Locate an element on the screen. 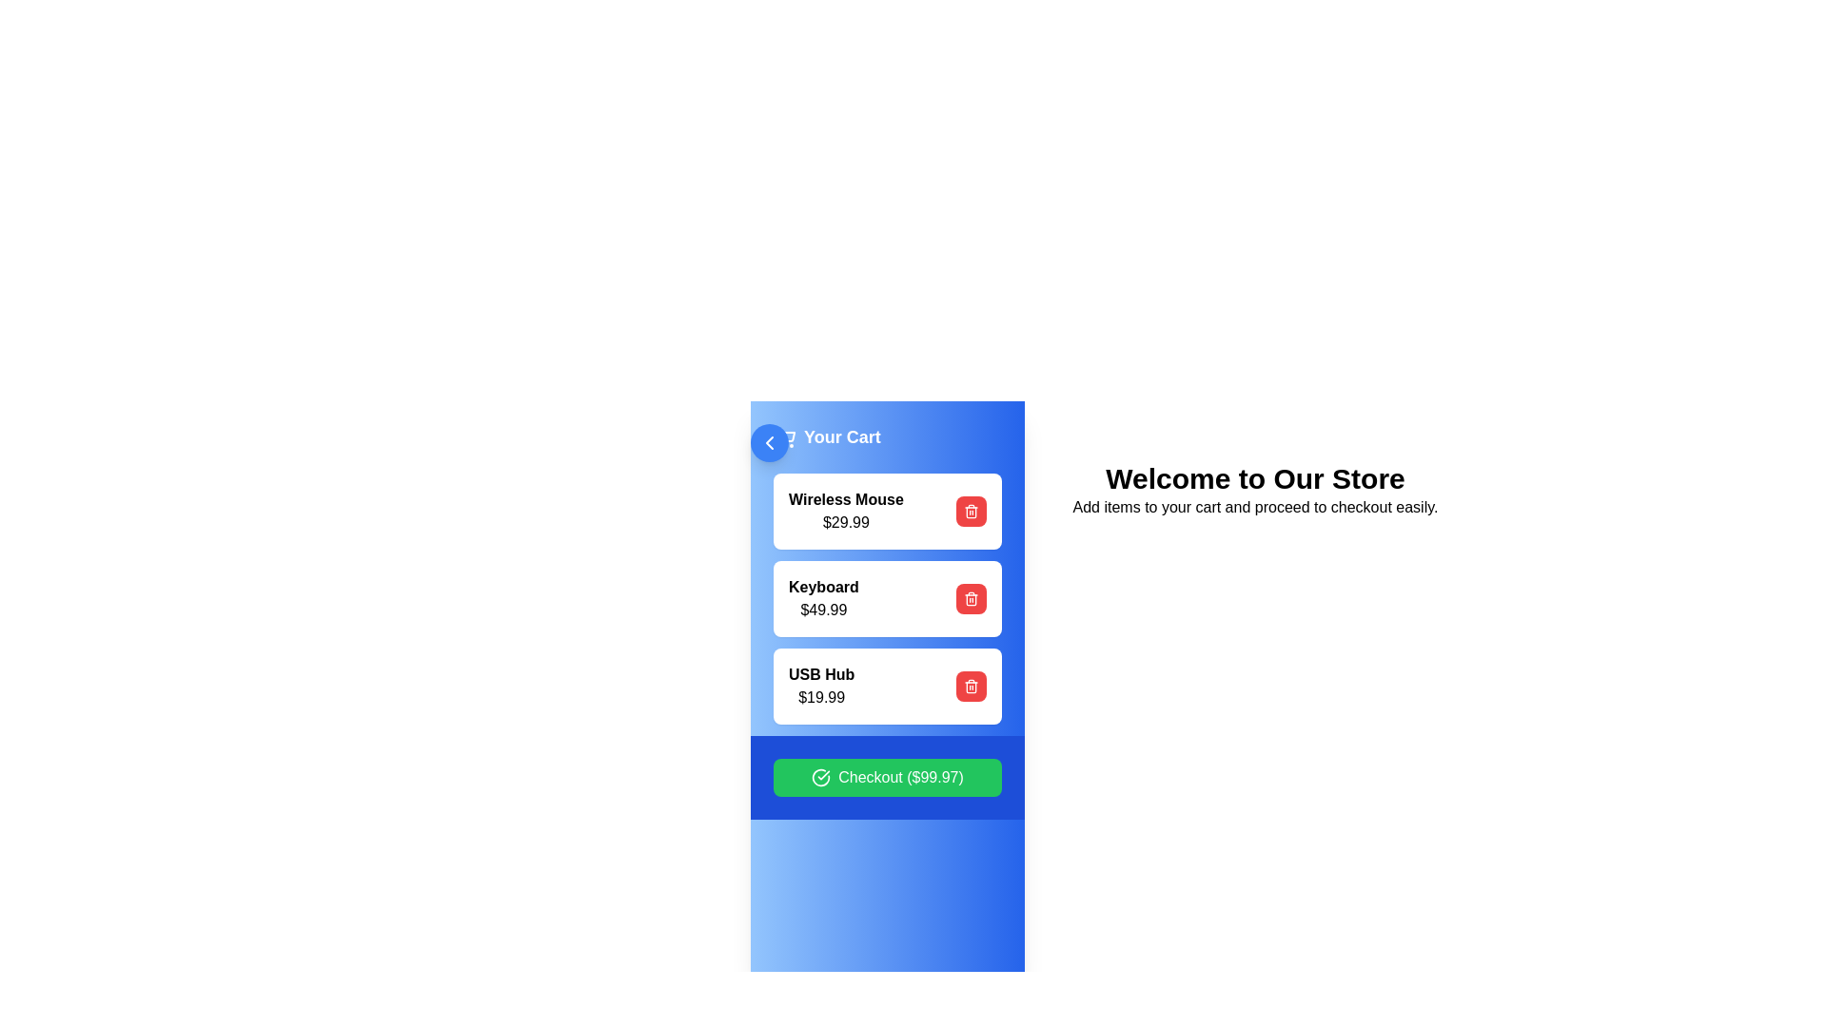  text from the 'Wireless Mouse' label, which displays 'Wireless Mouse' and '$29.99' in the 'Your Cart' section is located at coordinates (845, 510).